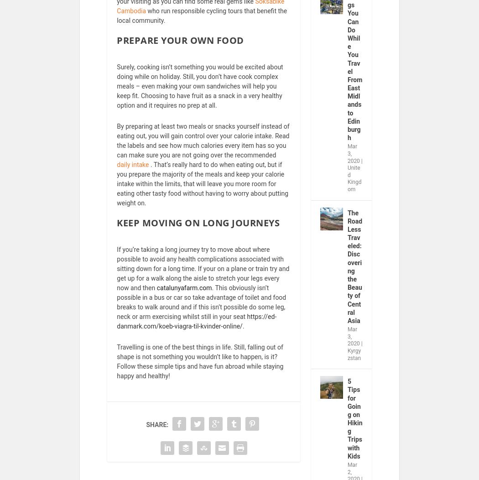  Describe the element at coordinates (184, 293) in the screenshot. I see `'catalunyafarm.com'` at that location.